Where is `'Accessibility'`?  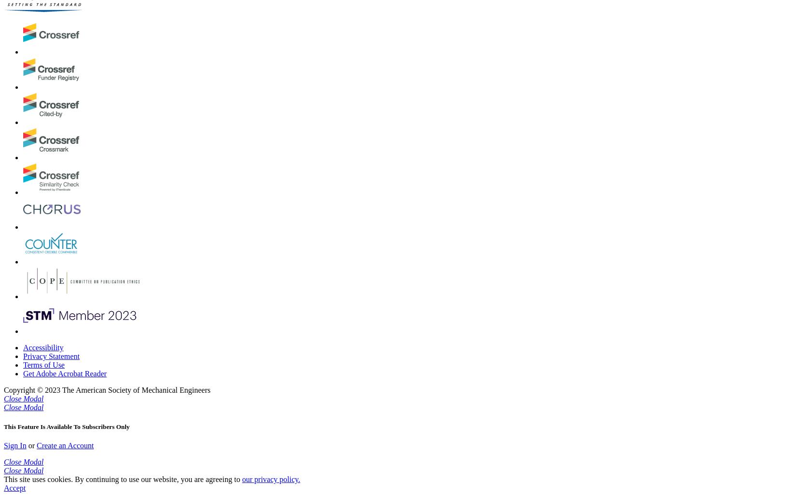
'Accessibility' is located at coordinates (43, 347).